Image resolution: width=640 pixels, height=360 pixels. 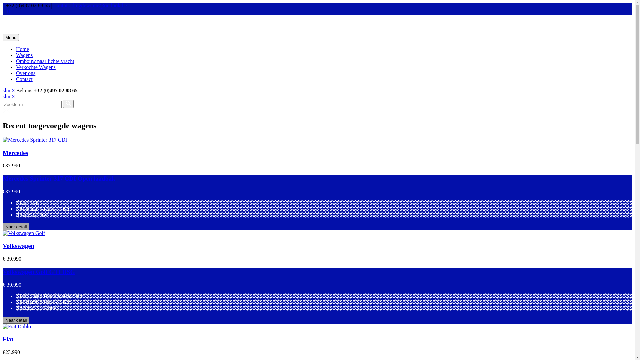 I want to click on ' Fiat  Doblo ', so click(x=17, y=326).